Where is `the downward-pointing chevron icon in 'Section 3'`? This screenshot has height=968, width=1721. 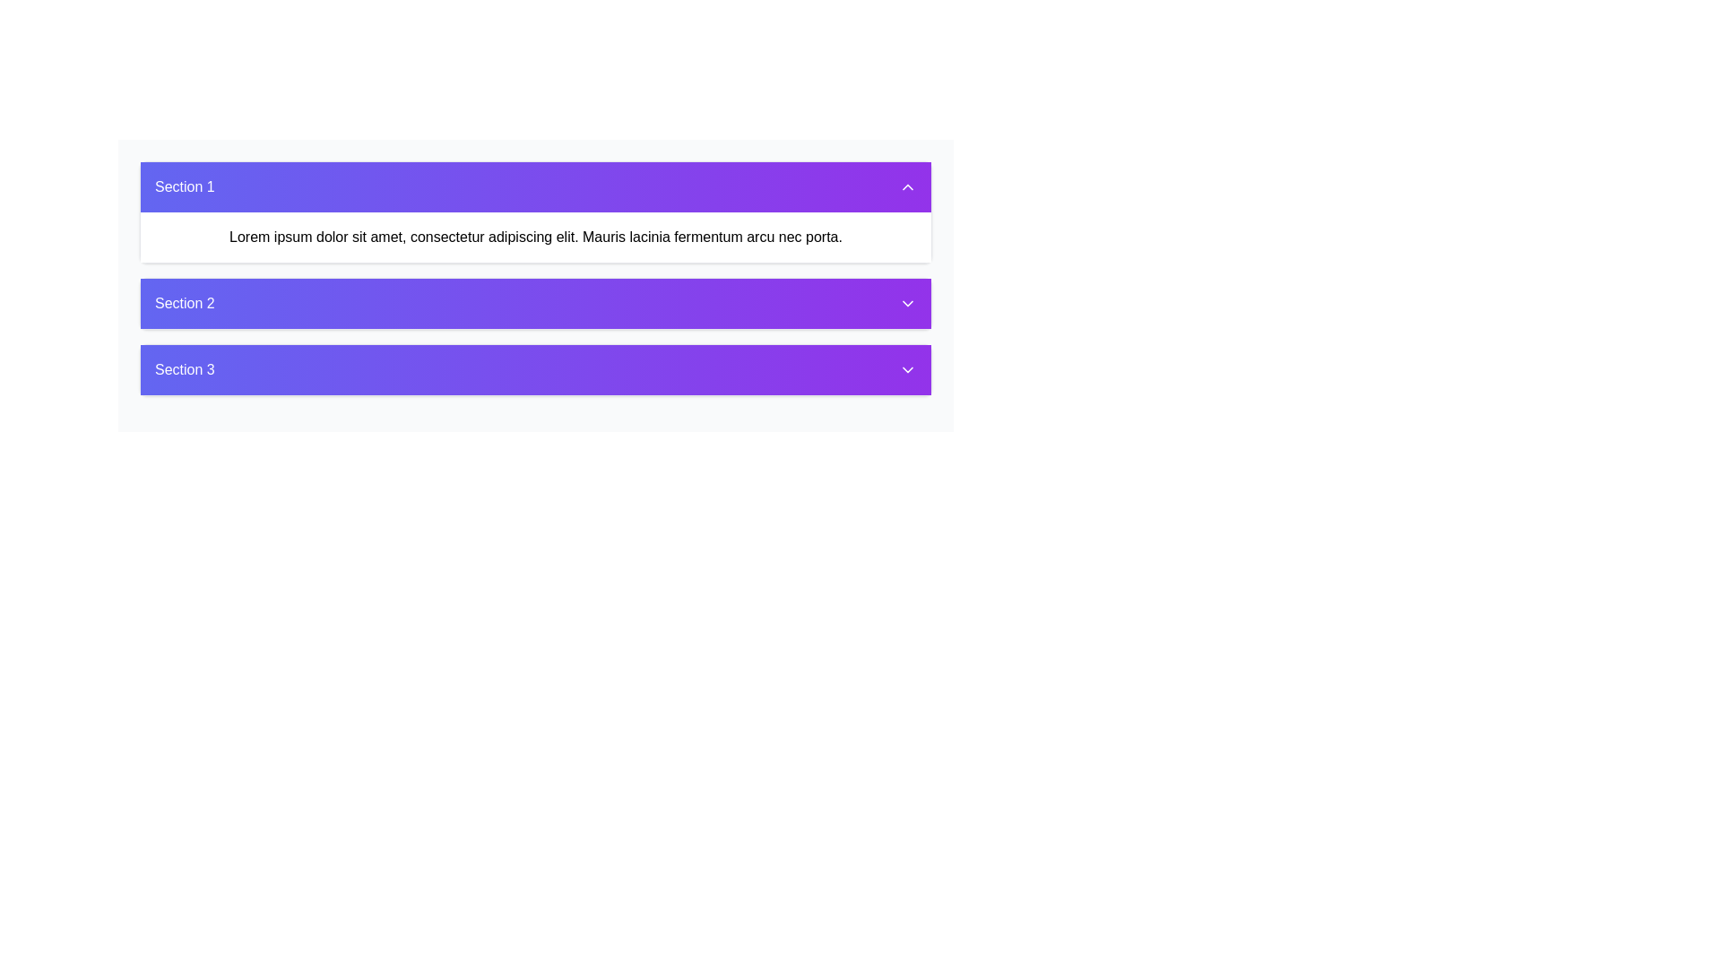 the downward-pointing chevron icon in 'Section 3' is located at coordinates (907, 368).